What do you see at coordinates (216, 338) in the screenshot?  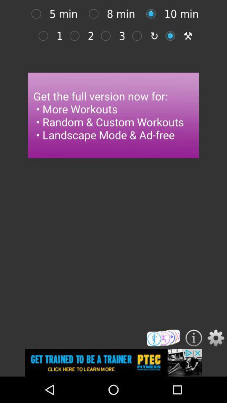 I see `setting` at bounding box center [216, 338].